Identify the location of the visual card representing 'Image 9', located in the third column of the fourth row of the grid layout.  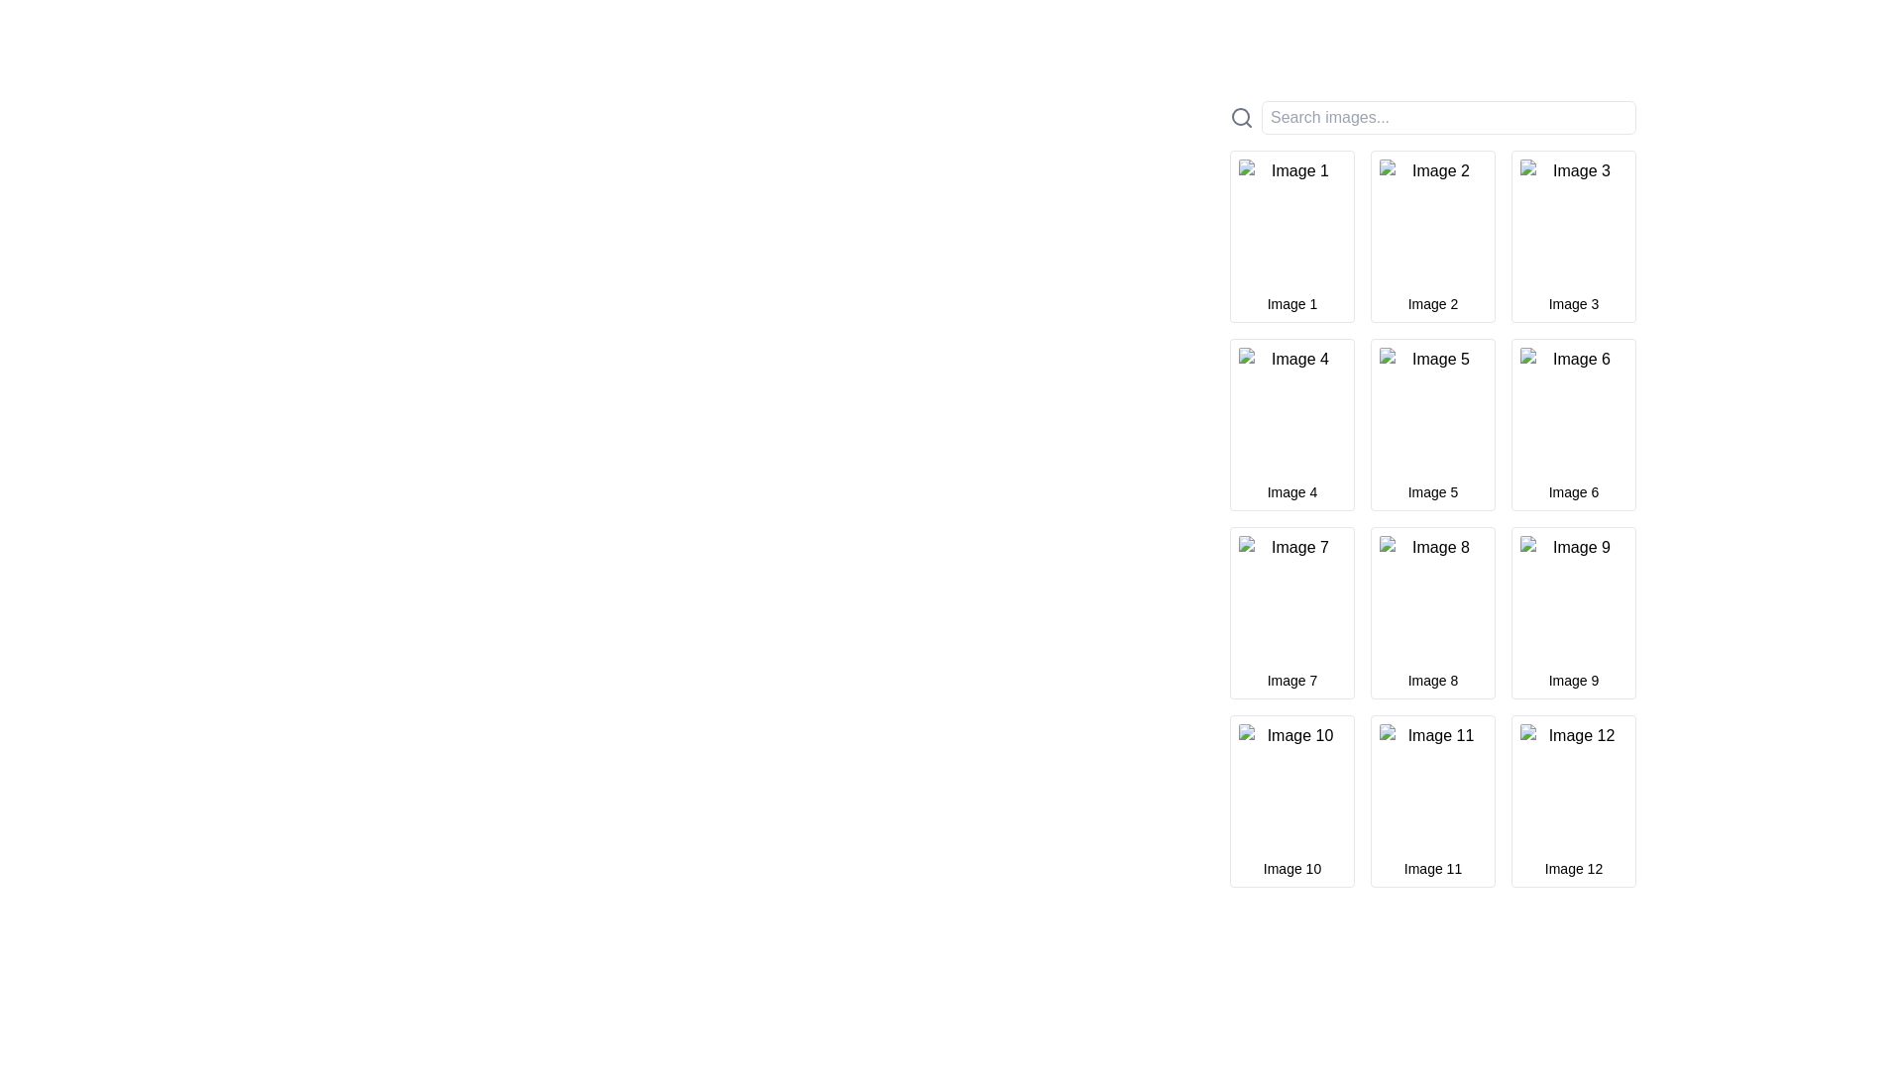
(1573, 611).